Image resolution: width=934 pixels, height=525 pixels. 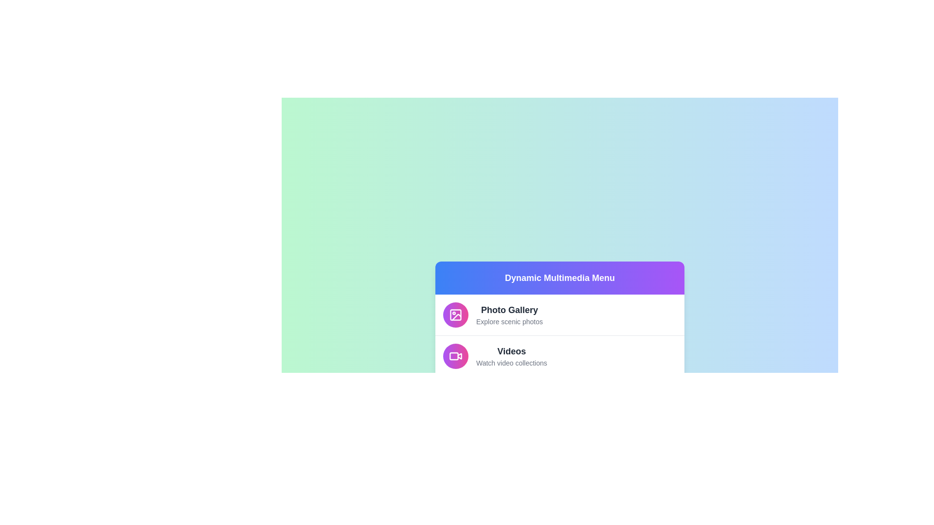 I want to click on the menu item labeled 'Videos' to observe the hover effect, so click(x=560, y=356).